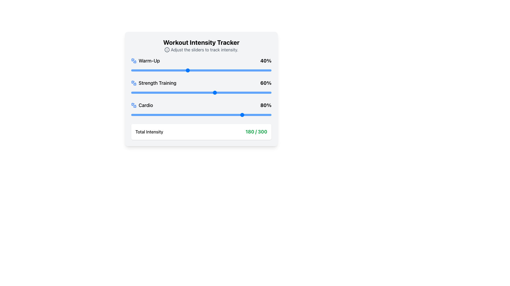  I want to click on the decorative fitness icon located to the left of the 'Strength Training' text label in the user interface, so click(133, 82).